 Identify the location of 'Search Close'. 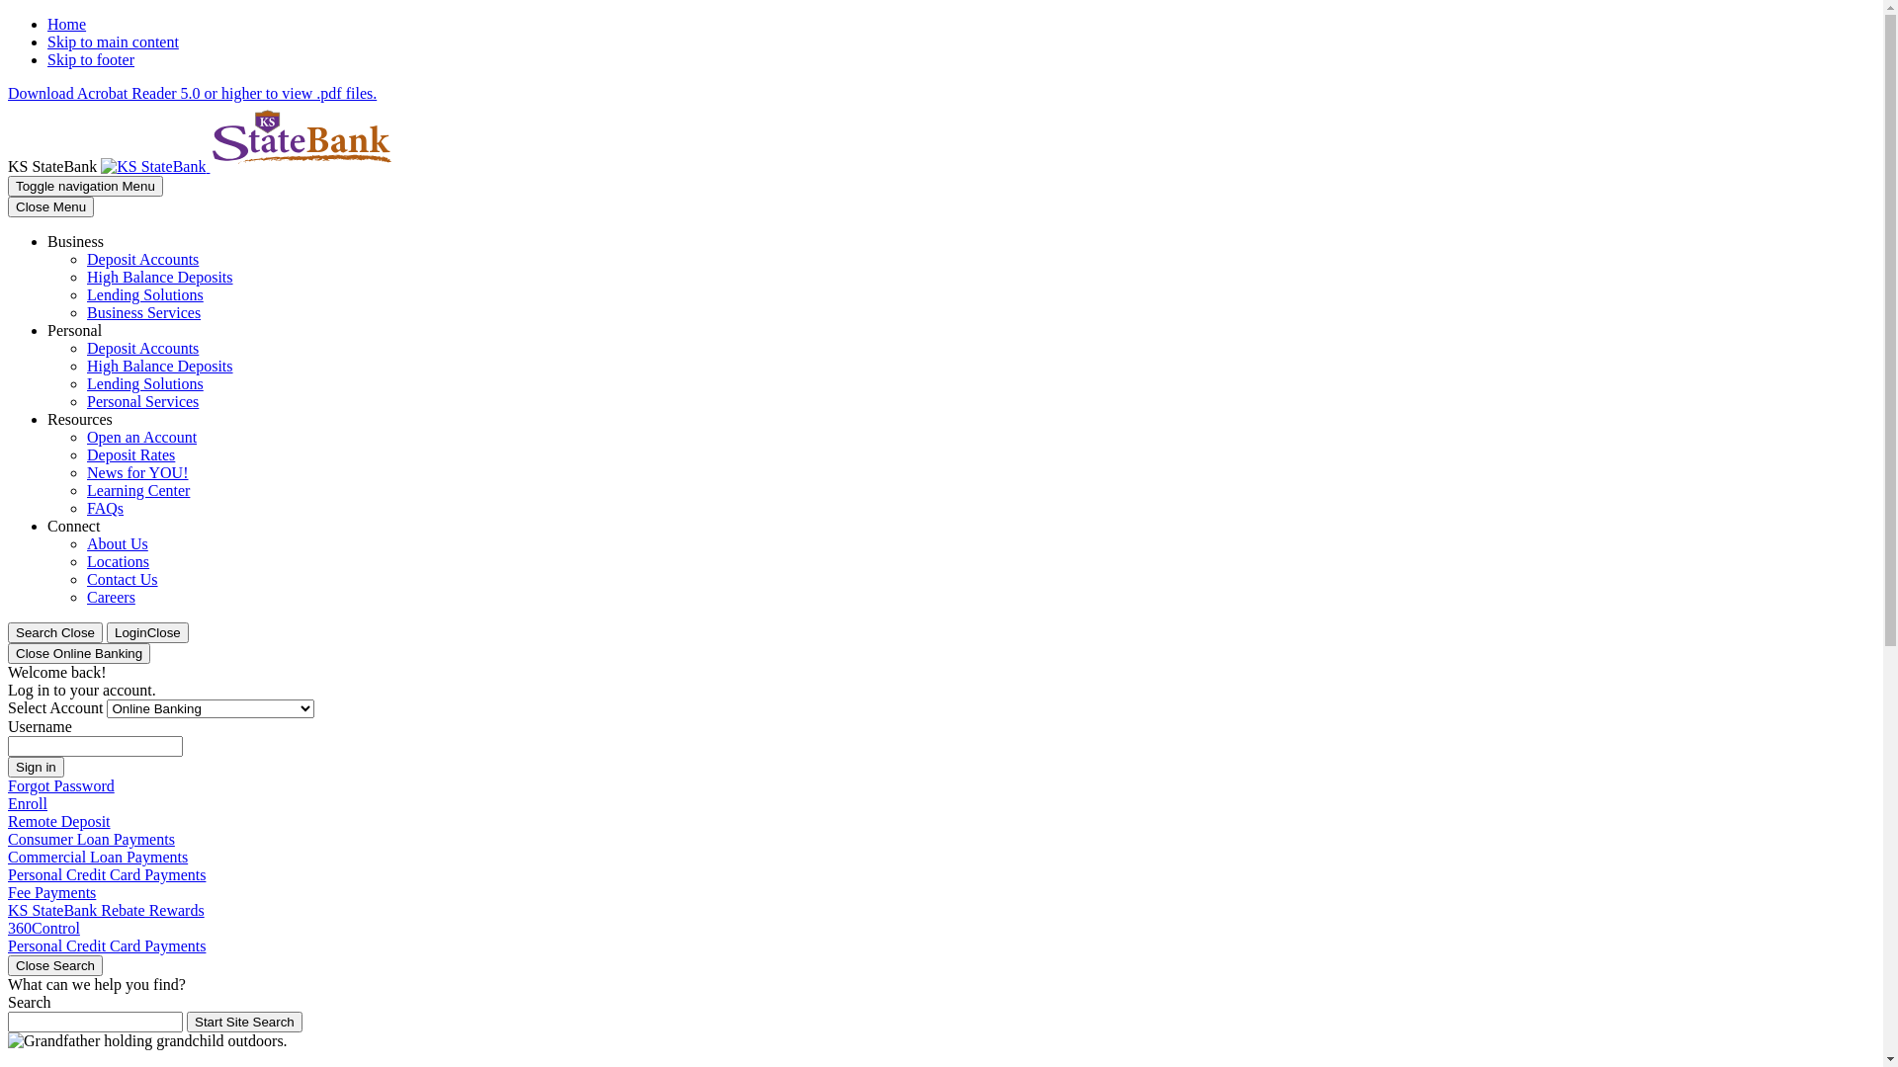
(8, 632).